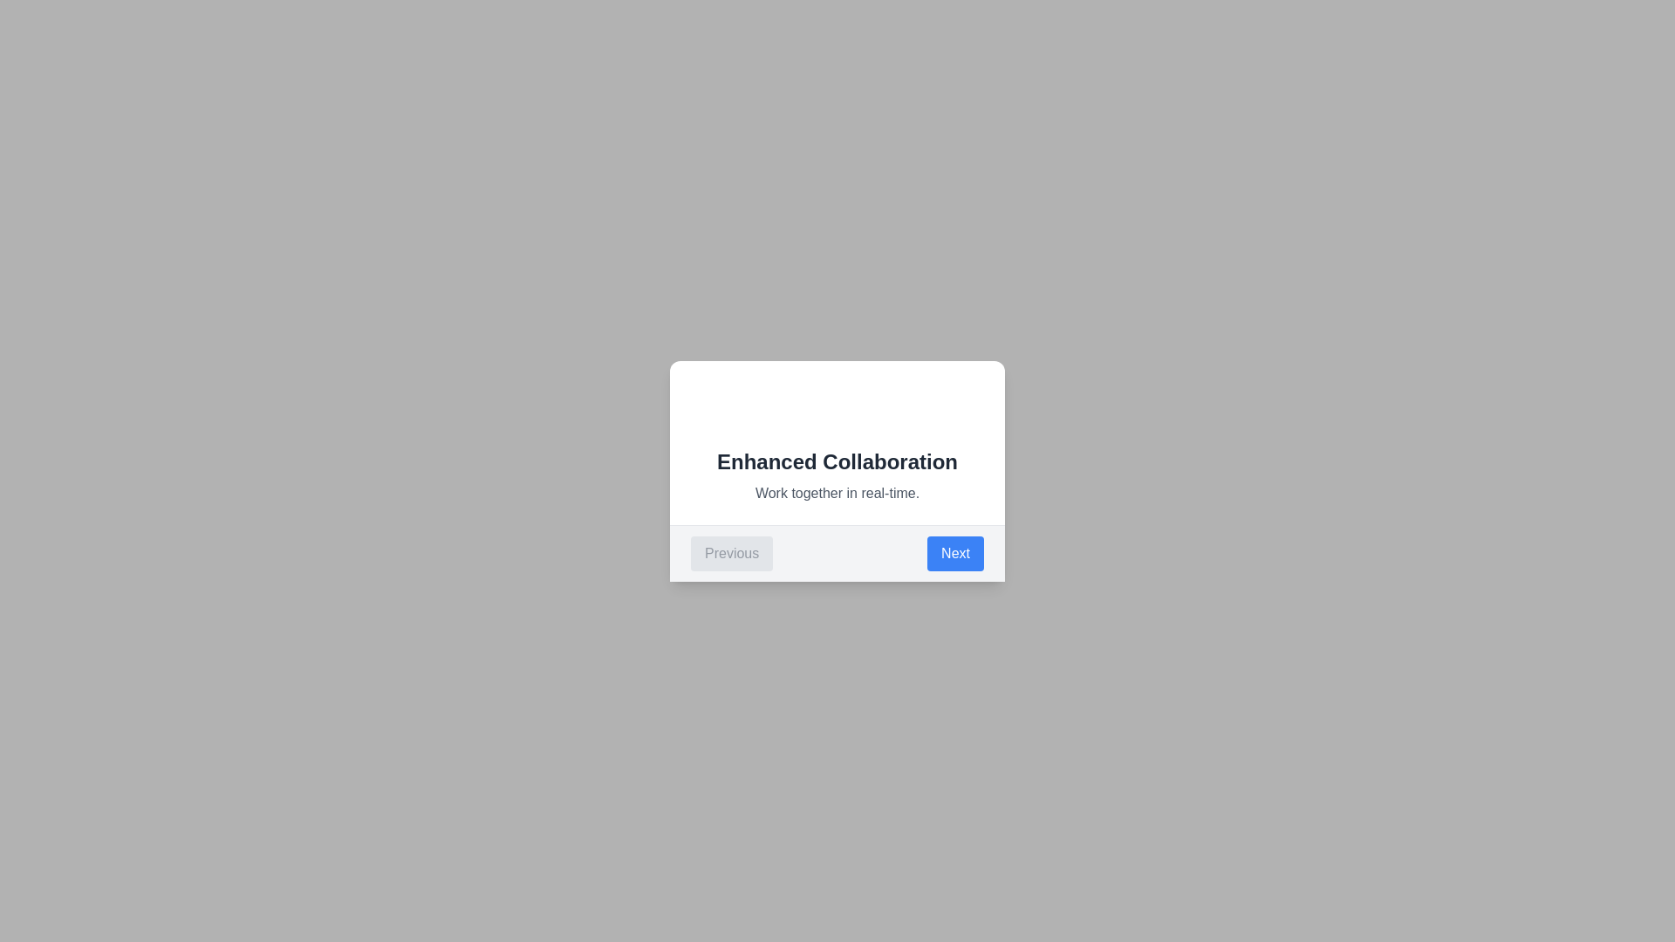 The height and width of the screenshot is (942, 1675). I want to click on the text snippet styled in gray that displays the message 'Work together in real-time.' located below the bold heading 'Enhanced Collaboration', so click(837, 492).